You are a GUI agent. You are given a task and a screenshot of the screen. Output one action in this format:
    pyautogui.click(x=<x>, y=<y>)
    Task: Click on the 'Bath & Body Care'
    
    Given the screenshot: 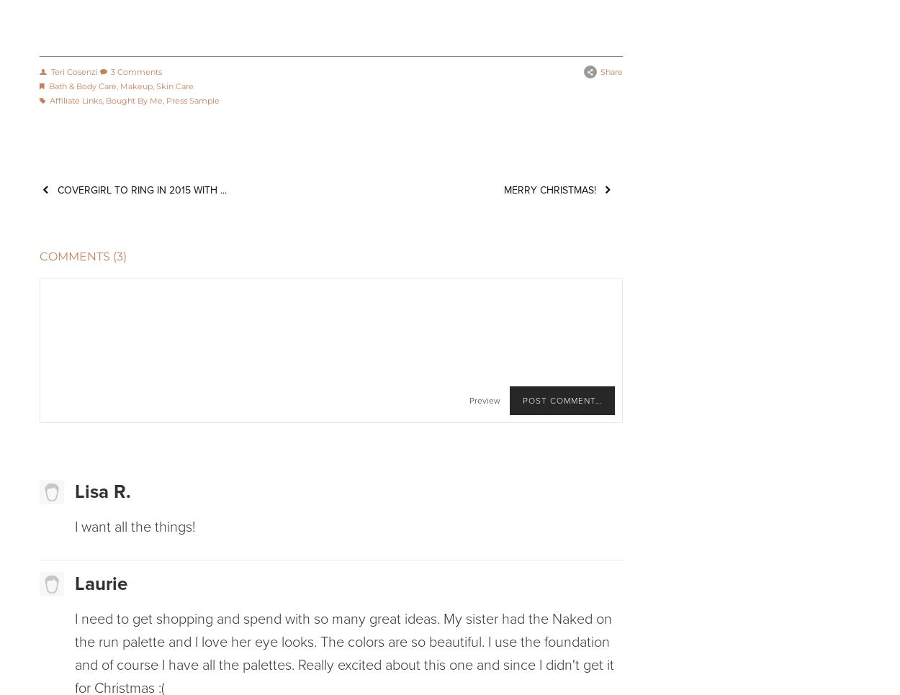 What is the action you would take?
    pyautogui.click(x=81, y=86)
    